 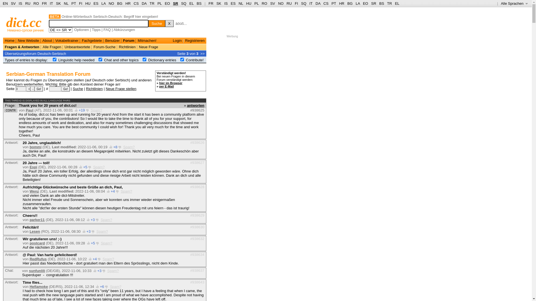 What do you see at coordinates (256, 3) in the screenshot?
I see `'PL'` at bounding box center [256, 3].